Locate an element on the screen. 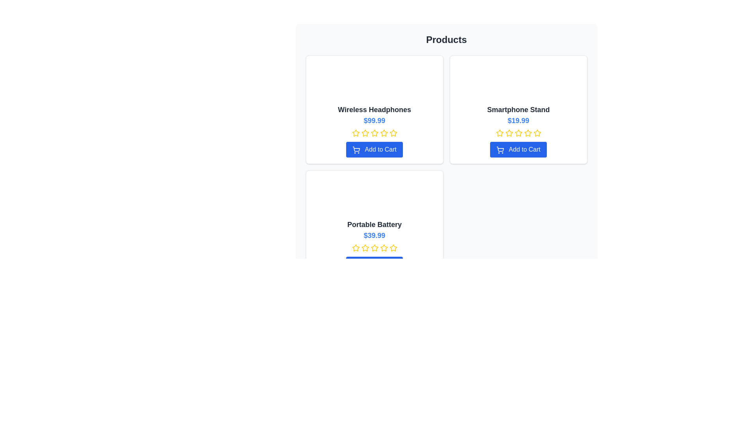  the fifth yellow star icon in the star rating system beneath the 'Wireless Headphones - $99.99' product listing to set the rating is located at coordinates (374, 132).